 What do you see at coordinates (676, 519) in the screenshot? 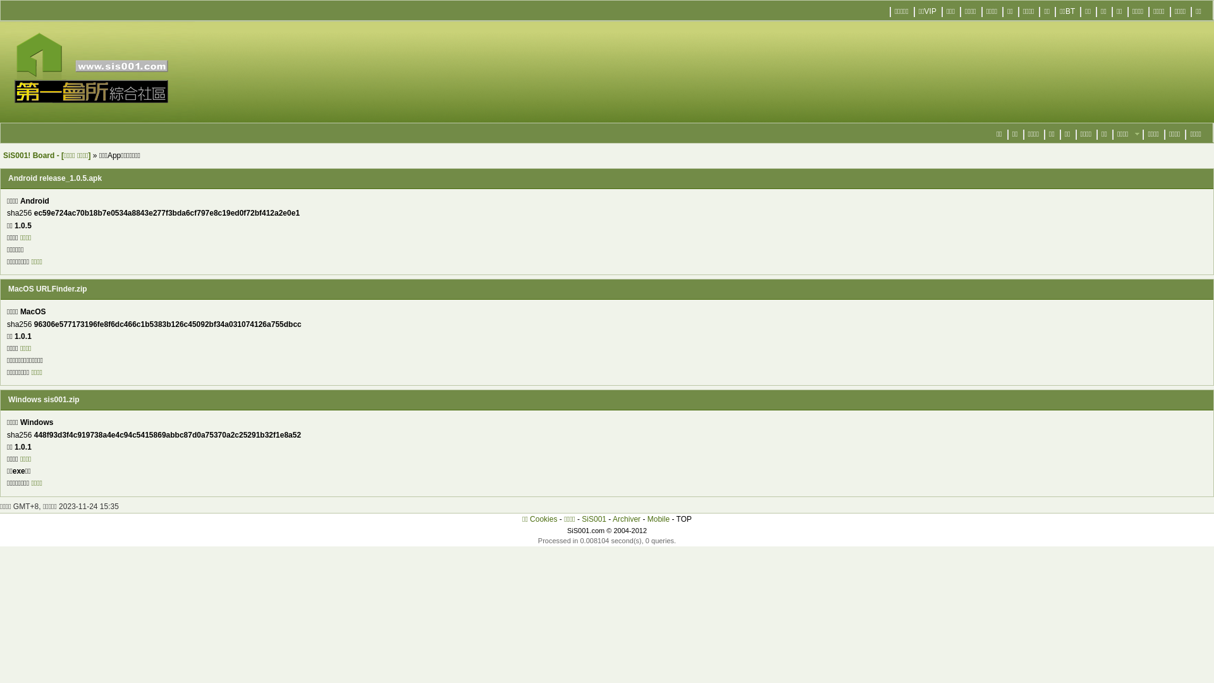
I see `'TOP'` at bounding box center [676, 519].